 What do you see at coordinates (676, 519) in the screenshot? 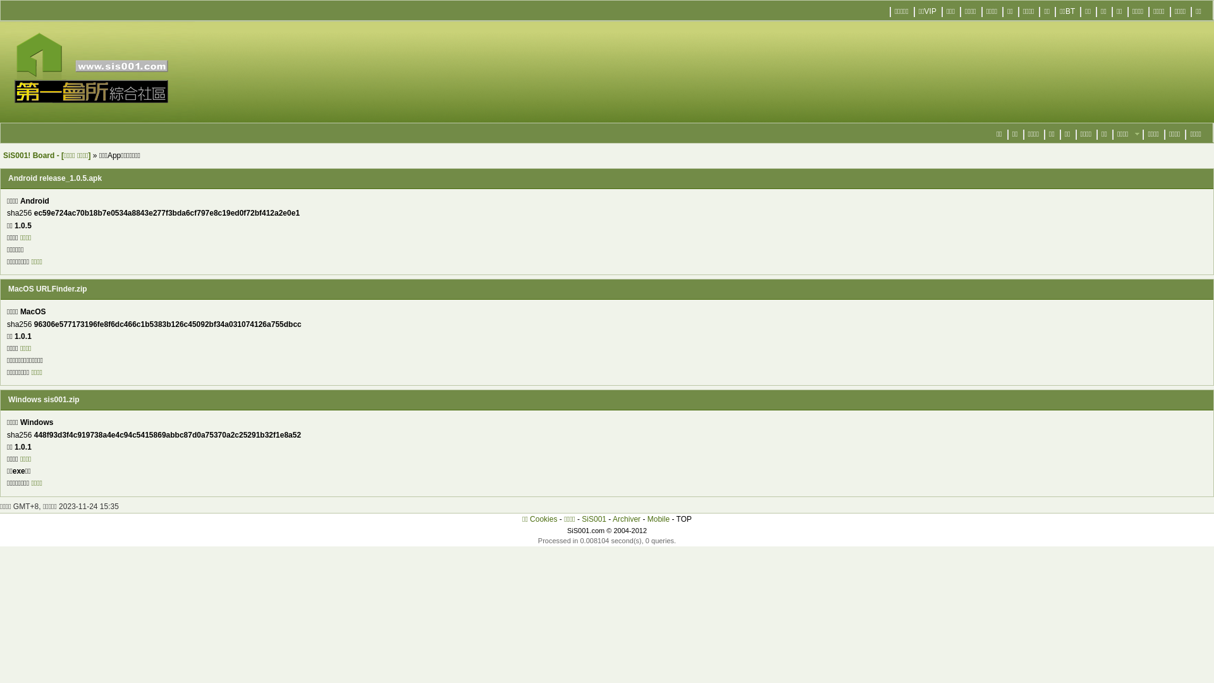
I see `'TOP'` at bounding box center [676, 519].